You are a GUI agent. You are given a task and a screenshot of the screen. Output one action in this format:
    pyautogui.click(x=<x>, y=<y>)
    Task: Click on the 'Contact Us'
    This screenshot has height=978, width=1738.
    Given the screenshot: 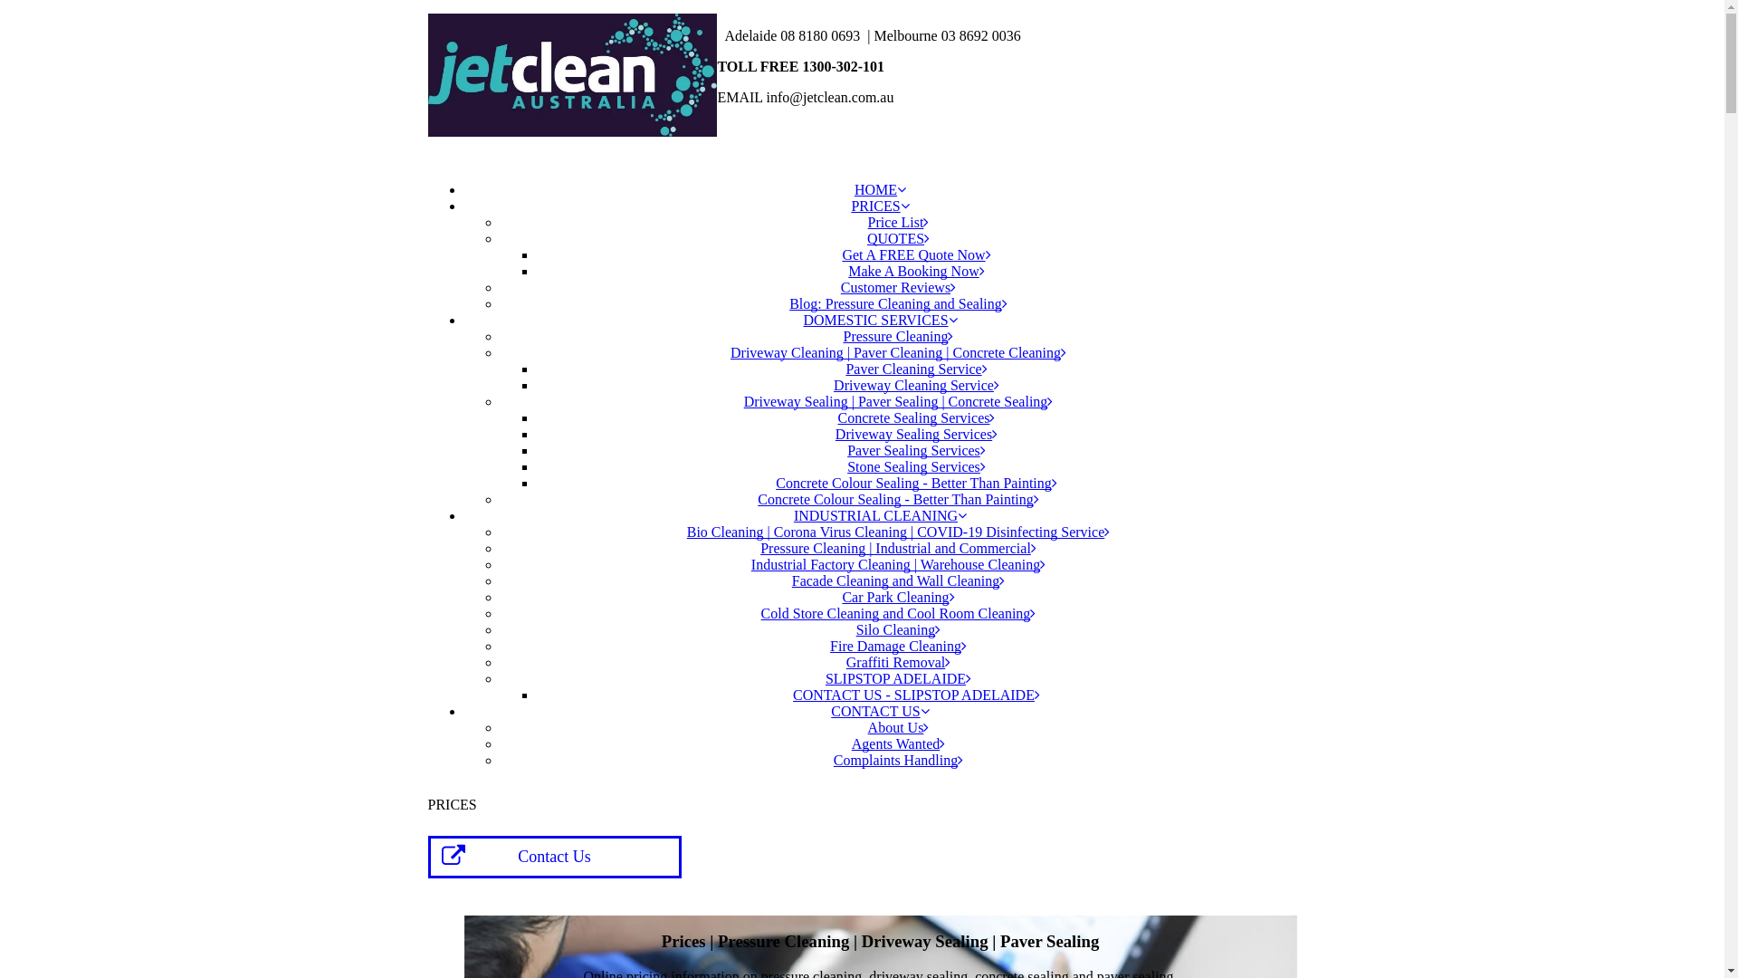 What is the action you would take?
    pyautogui.click(x=552, y=856)
    